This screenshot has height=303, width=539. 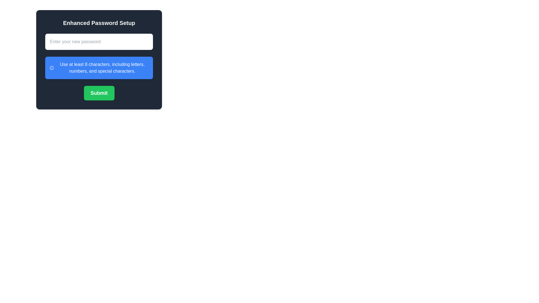 What do you see at coordinates (99, 22) in the screenshot?
I see `the 'Enhanced Password Setup' text label for accessibility by moving to its center point` at bounding box center [99, 22].